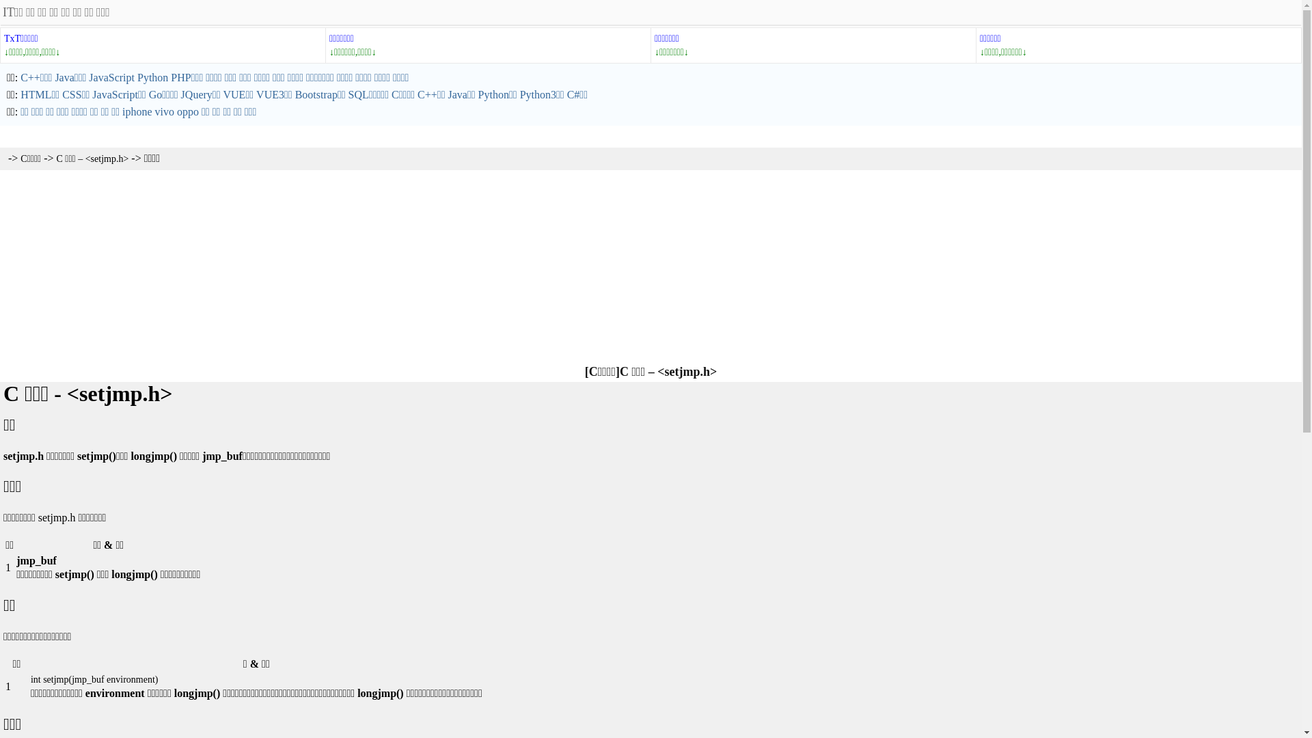 Image resolution: width=1312 pixels, height=738 pixels. What do you see at coordinates (649, 266) in the screenshot?
I see `'Advertisement'` at bounding box center [649, 266].